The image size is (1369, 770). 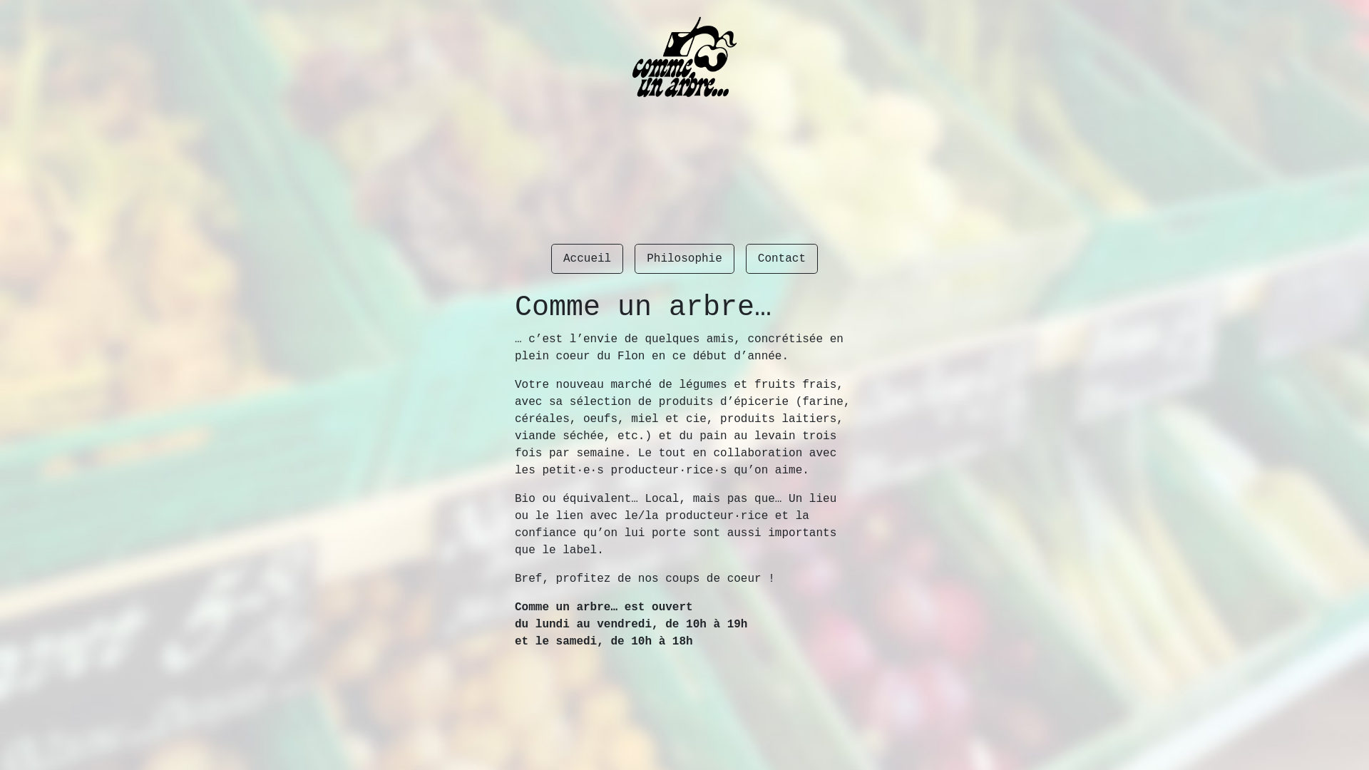 I want to click on 'Philosophie', so click(x=684, y=258).